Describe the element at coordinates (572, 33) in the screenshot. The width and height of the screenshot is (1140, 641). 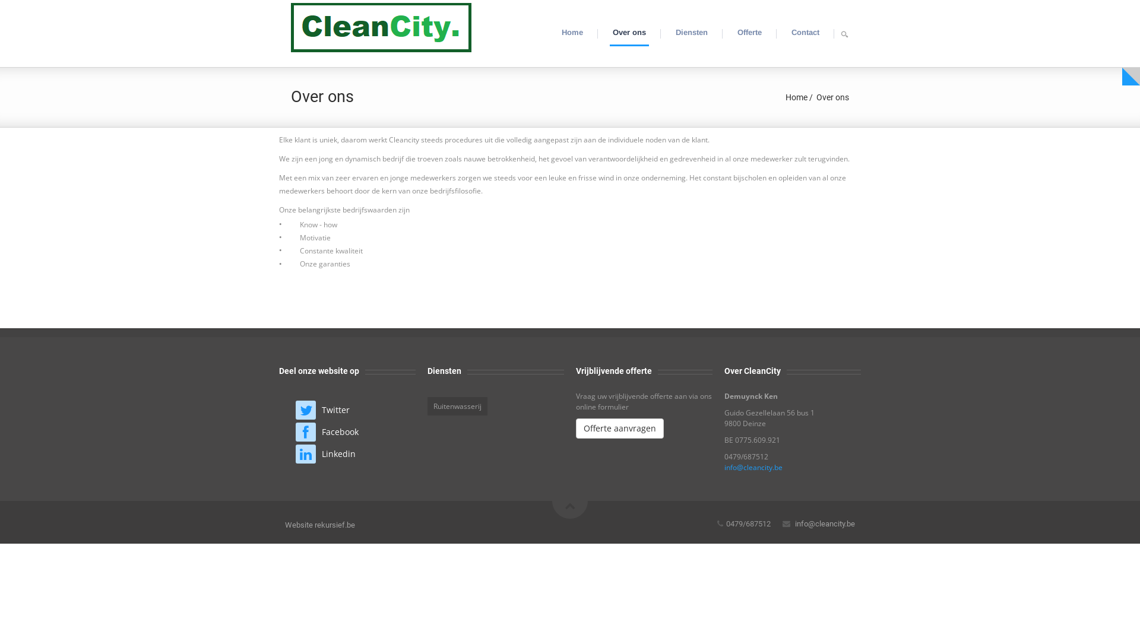
I see `'Home'` at that location.